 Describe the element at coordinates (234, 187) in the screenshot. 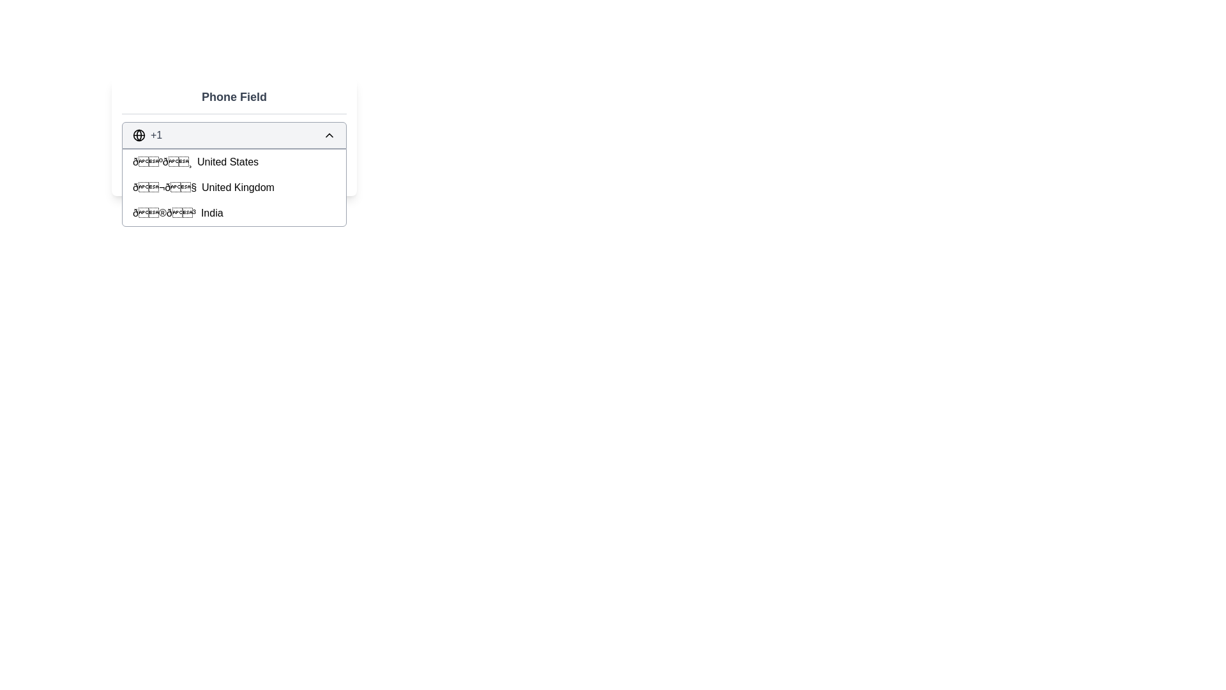

I see `the option labeled 'United Kingdom' in the dropdown list` at that location.